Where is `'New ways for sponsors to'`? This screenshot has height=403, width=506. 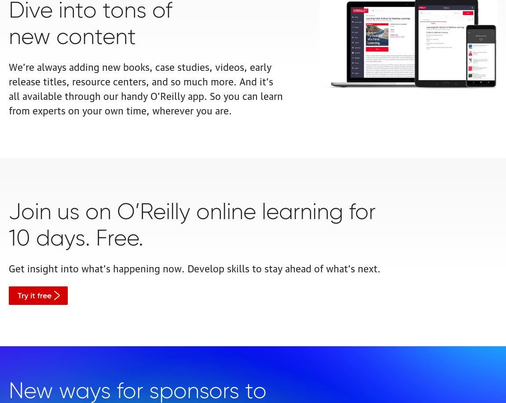
'New ways for sponsors to' is located at coordinates (138, 391).